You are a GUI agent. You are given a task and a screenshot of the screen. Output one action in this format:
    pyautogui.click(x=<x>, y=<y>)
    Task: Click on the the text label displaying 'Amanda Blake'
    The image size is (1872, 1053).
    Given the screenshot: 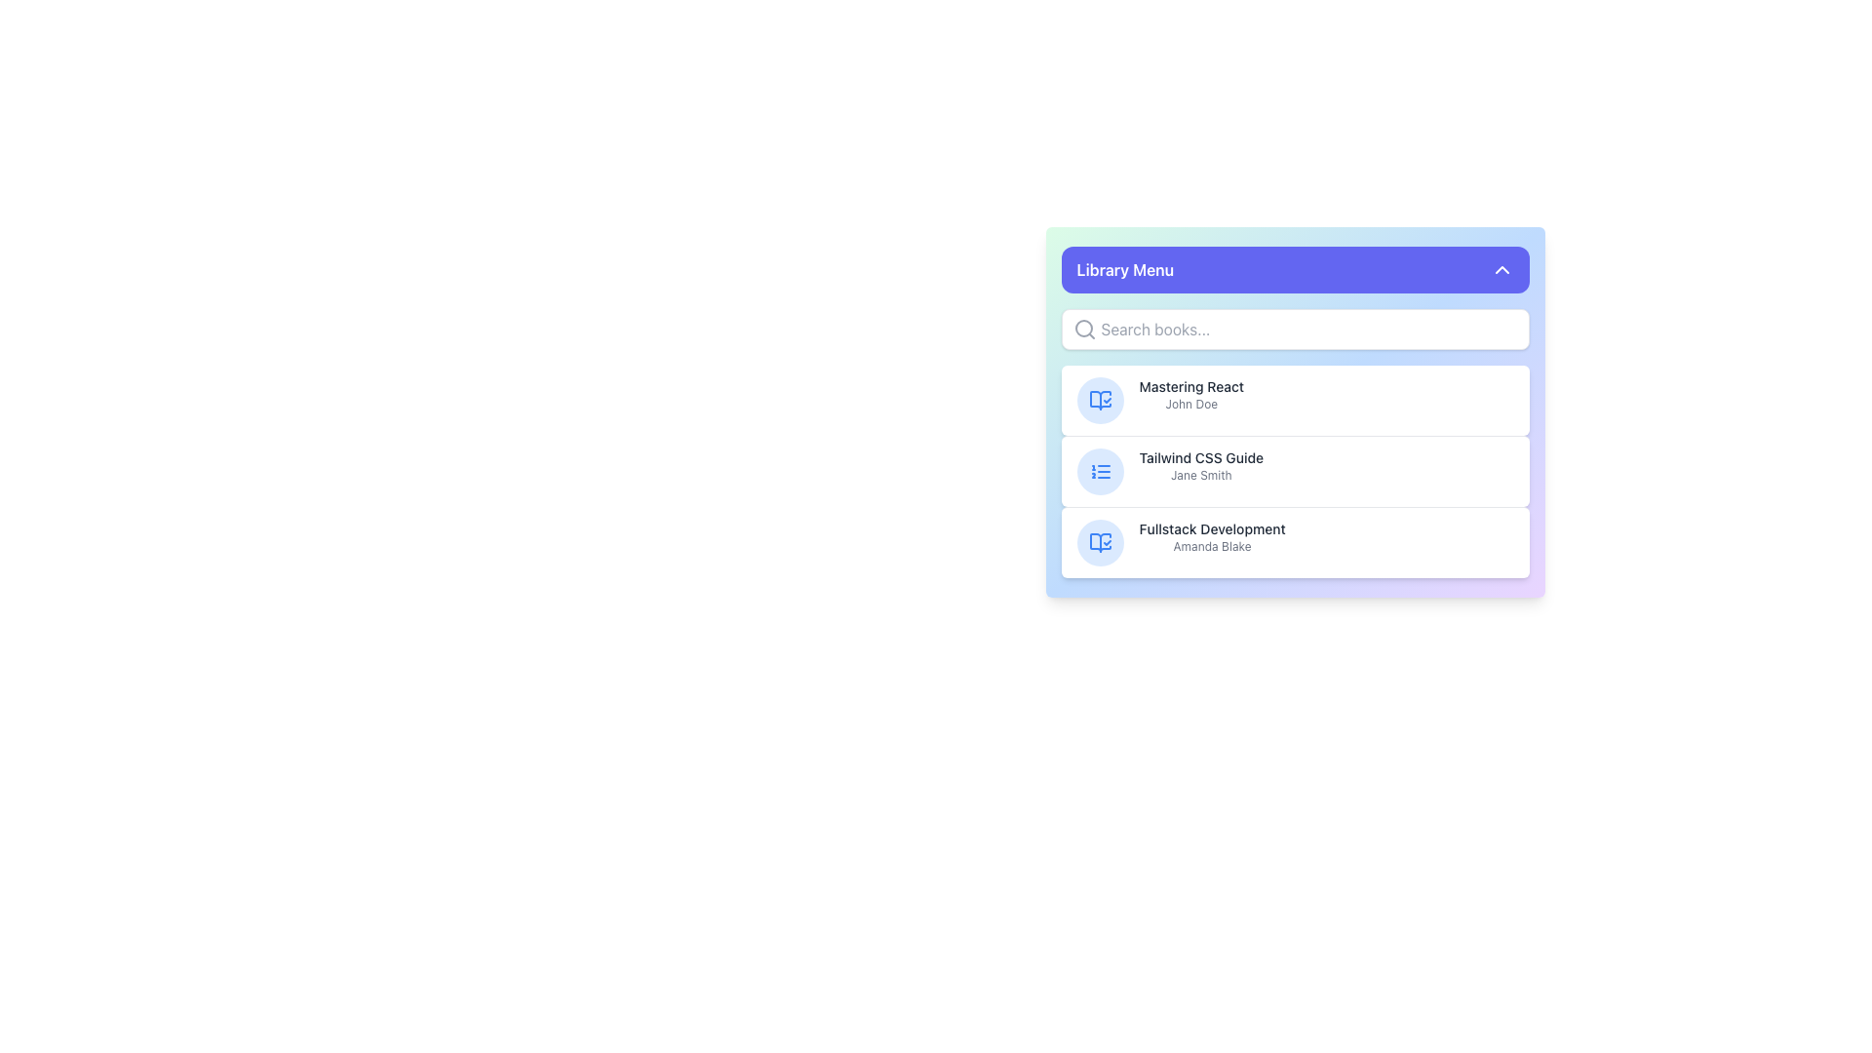 What is the action you would take?
    pyautogui.click(x=1211, y=546)
    